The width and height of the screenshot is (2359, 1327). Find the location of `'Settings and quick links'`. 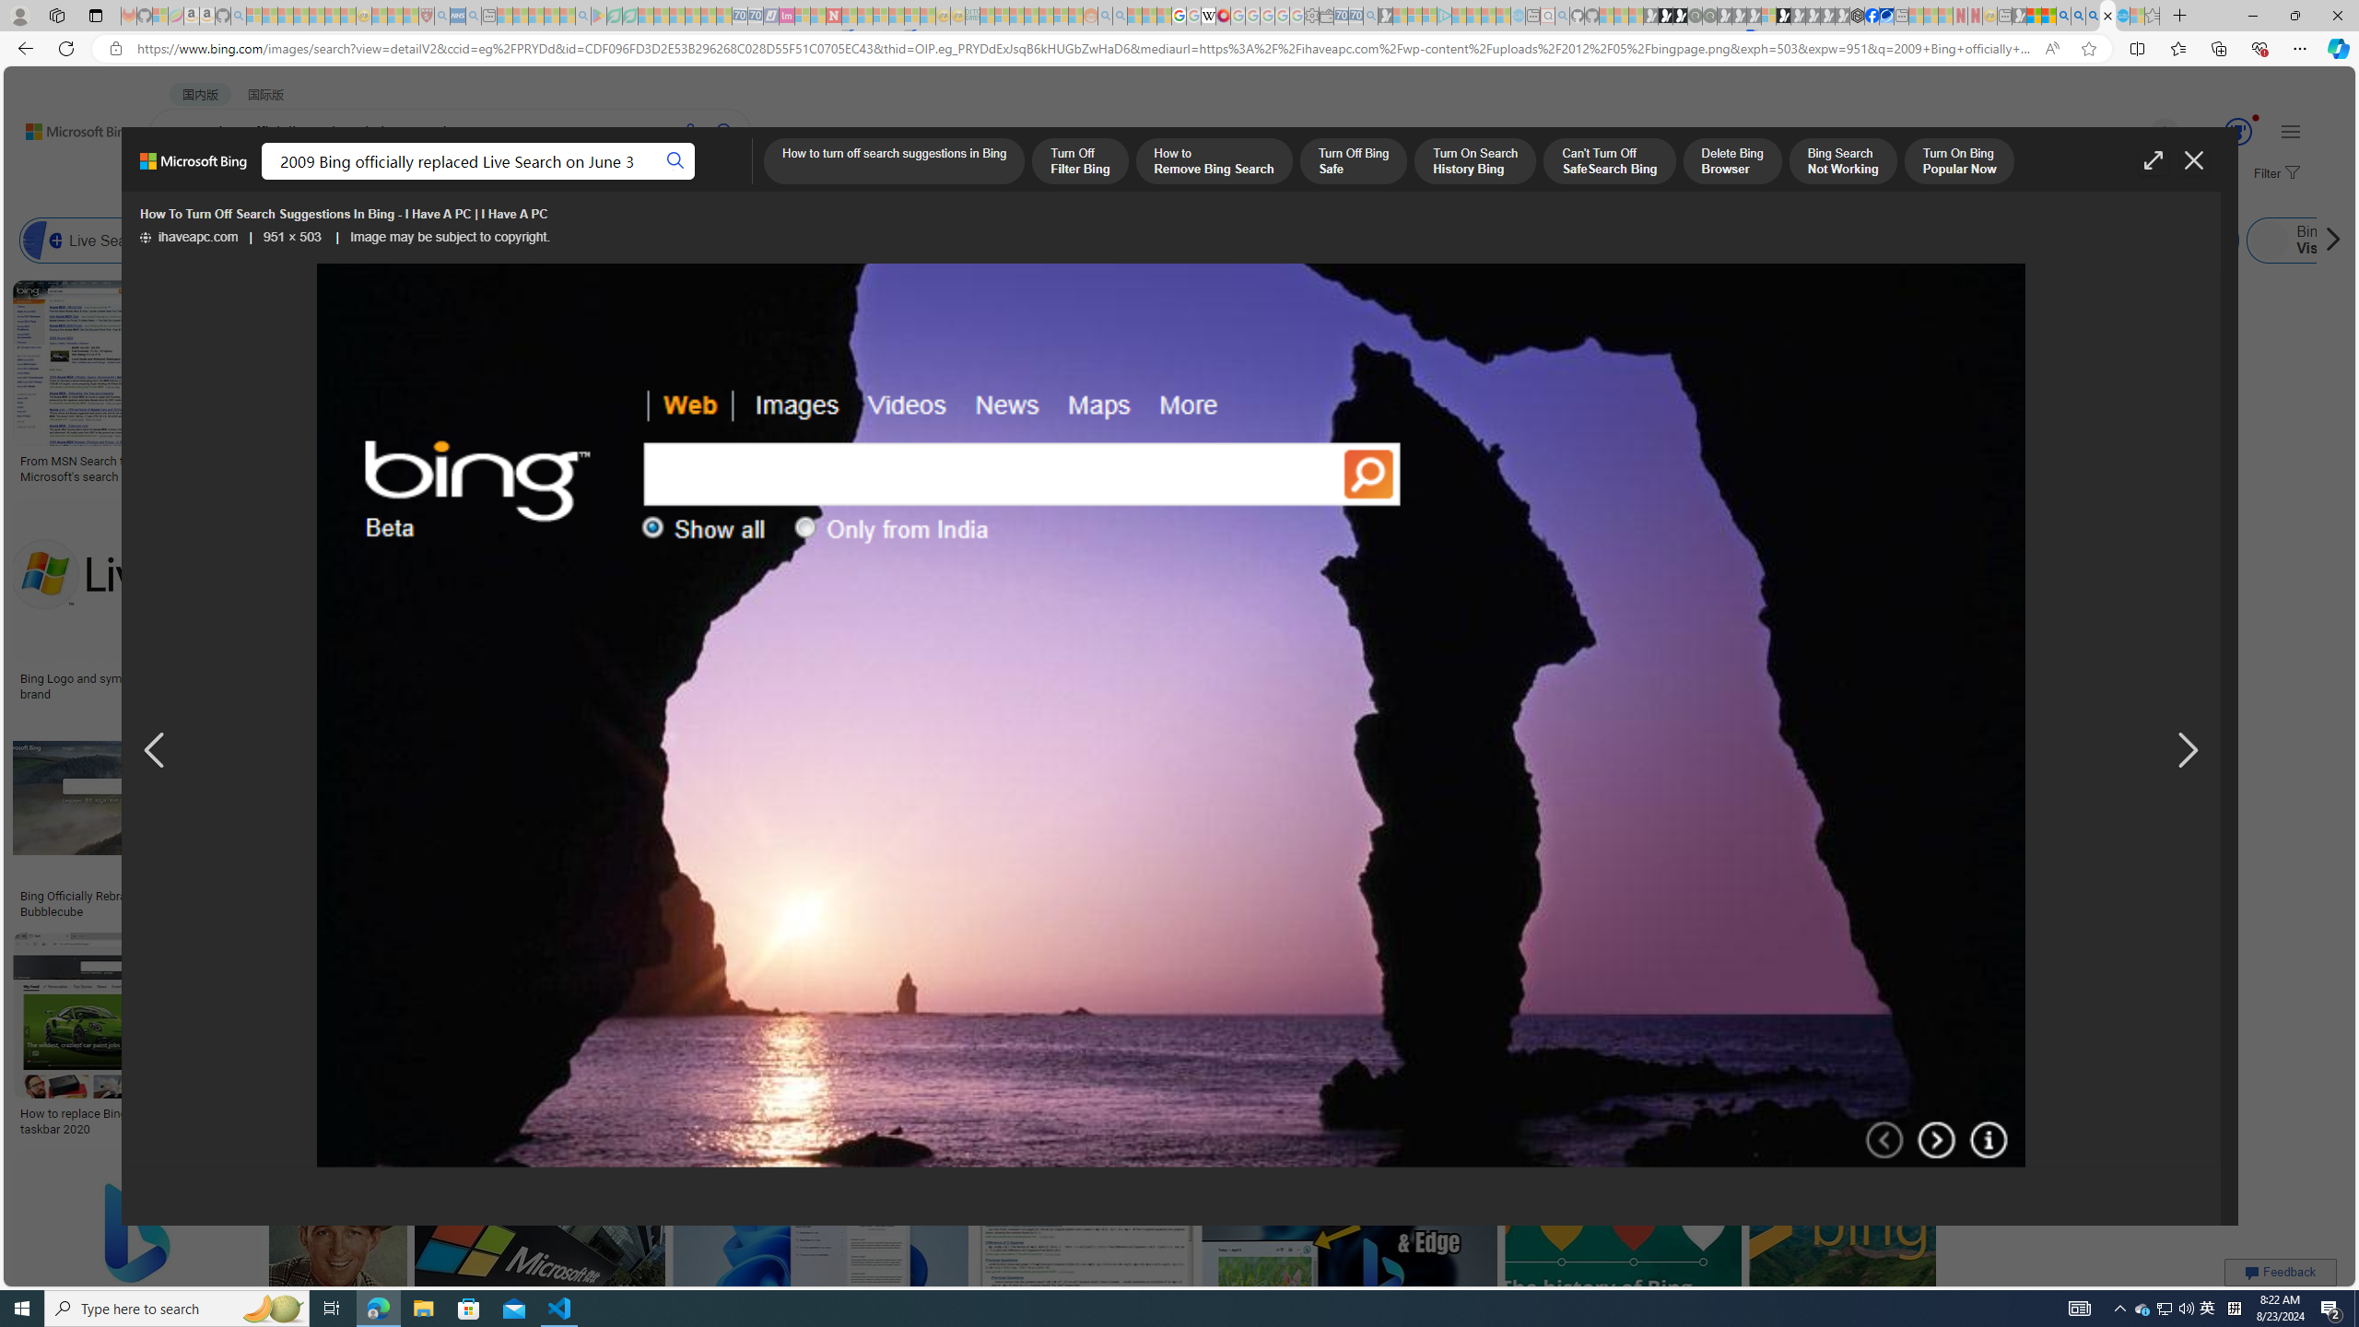

'Settings and quick links' is located at coordinates (2289, 130).